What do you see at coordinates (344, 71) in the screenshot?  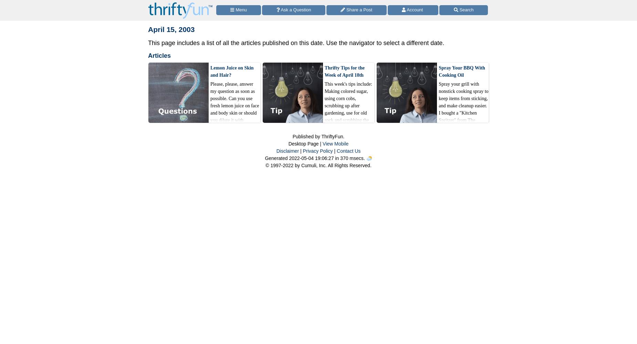 I see `'Thrifty Tips for the Week of April 18th'` at bounding box center [344, 71].